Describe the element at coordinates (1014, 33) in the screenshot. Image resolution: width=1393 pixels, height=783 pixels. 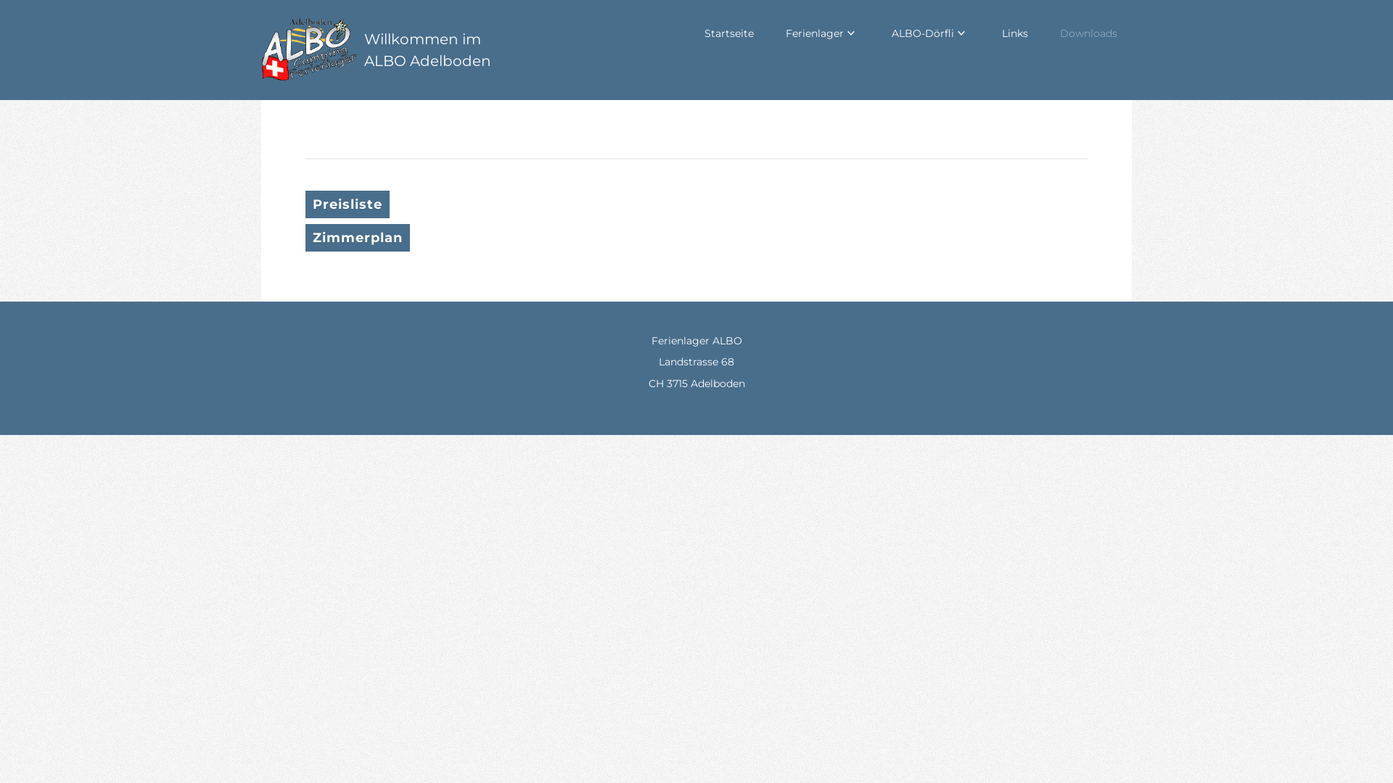
I see `'Links'` at that location.